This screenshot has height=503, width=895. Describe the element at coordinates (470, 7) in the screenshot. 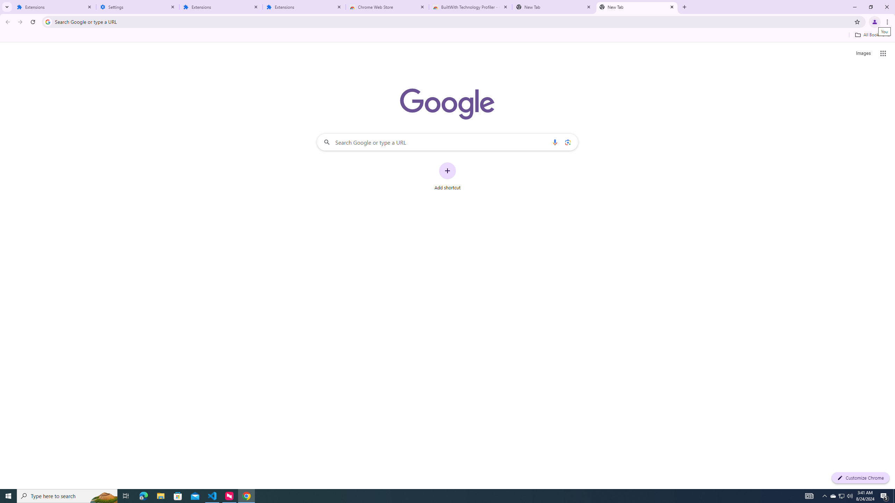

I see `'BuiltWith Technology Profiler - Chrome Web Store'` at that location.